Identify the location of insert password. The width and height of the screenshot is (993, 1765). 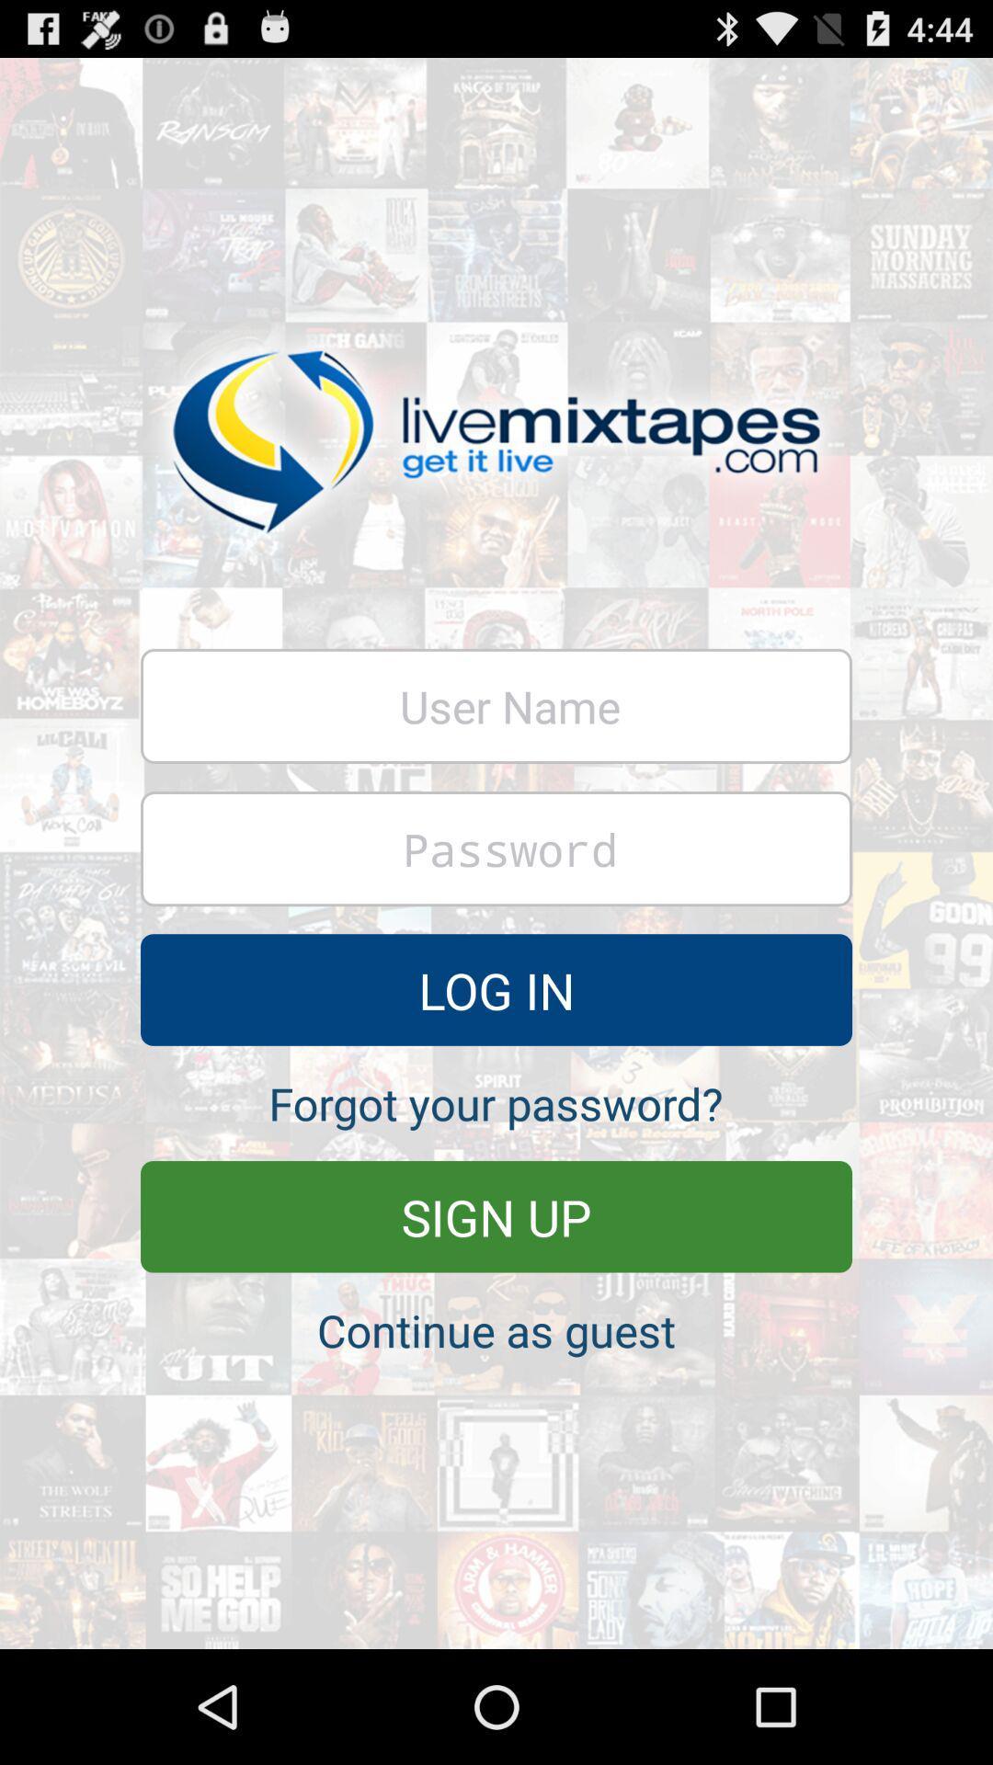
(496, 848).